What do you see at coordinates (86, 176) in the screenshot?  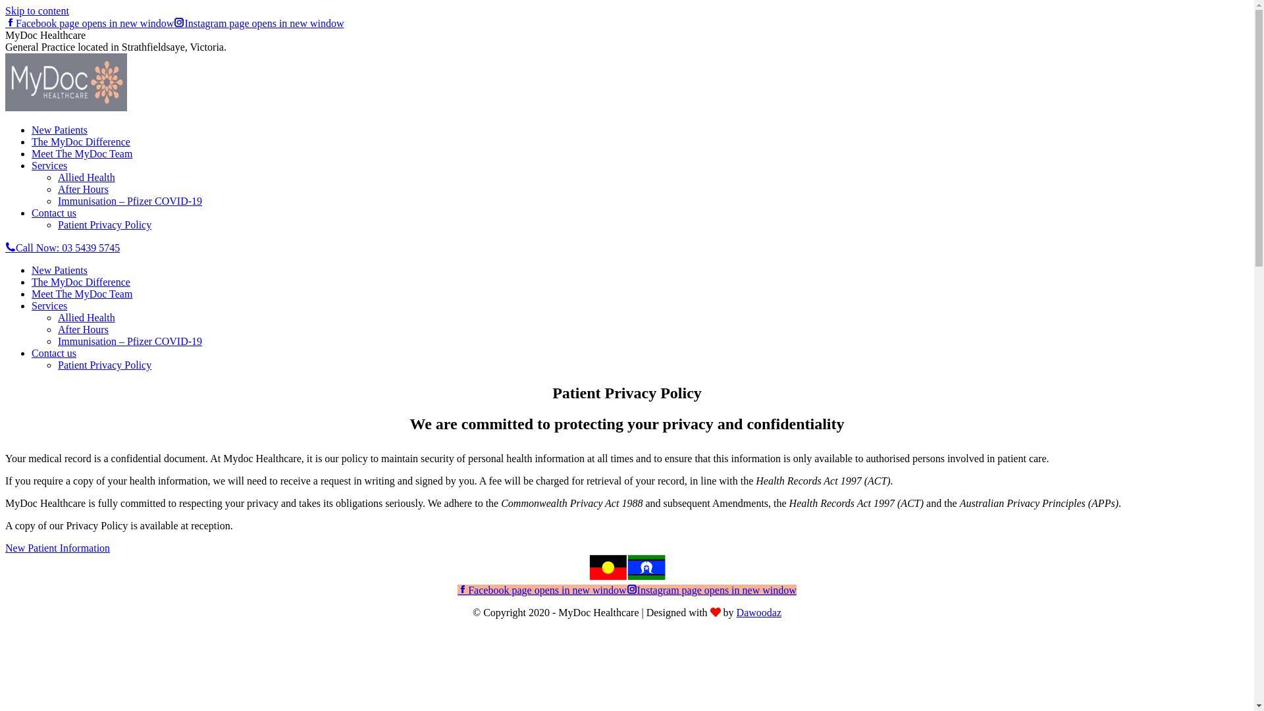 I see `'Allied Health'` at bounding box center [86, 176].